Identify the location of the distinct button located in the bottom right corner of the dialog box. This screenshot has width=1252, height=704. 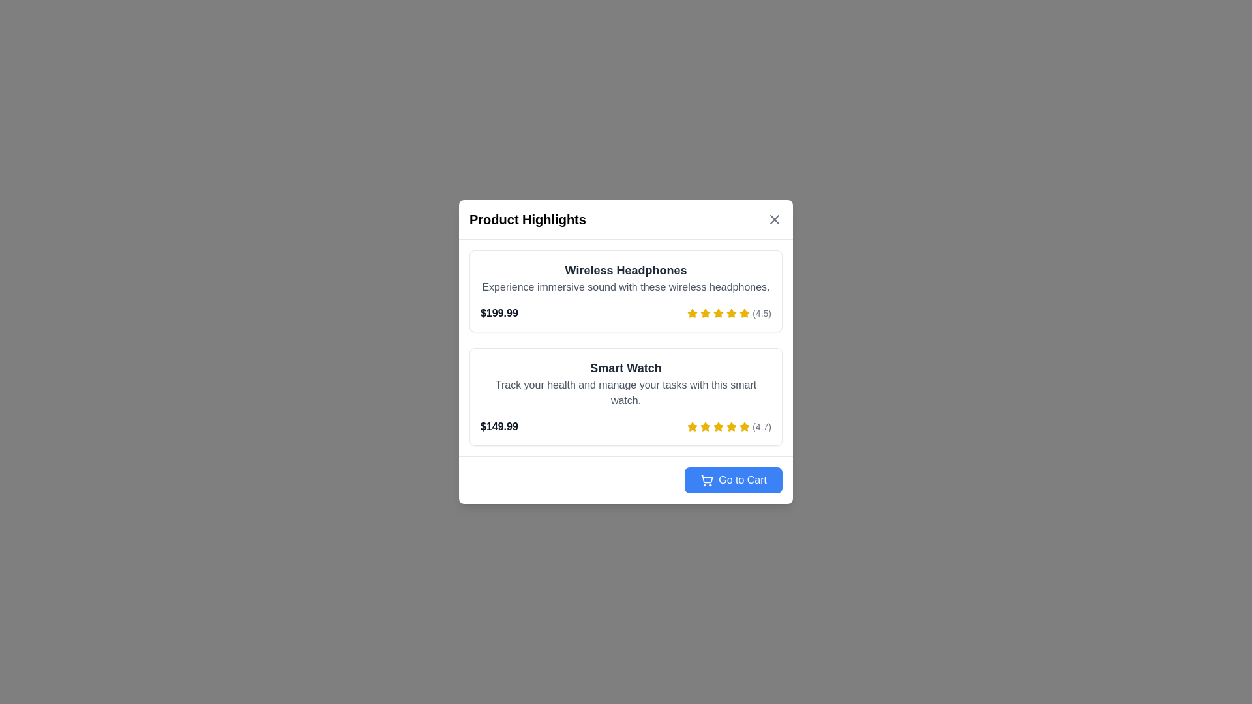
(733, 480).